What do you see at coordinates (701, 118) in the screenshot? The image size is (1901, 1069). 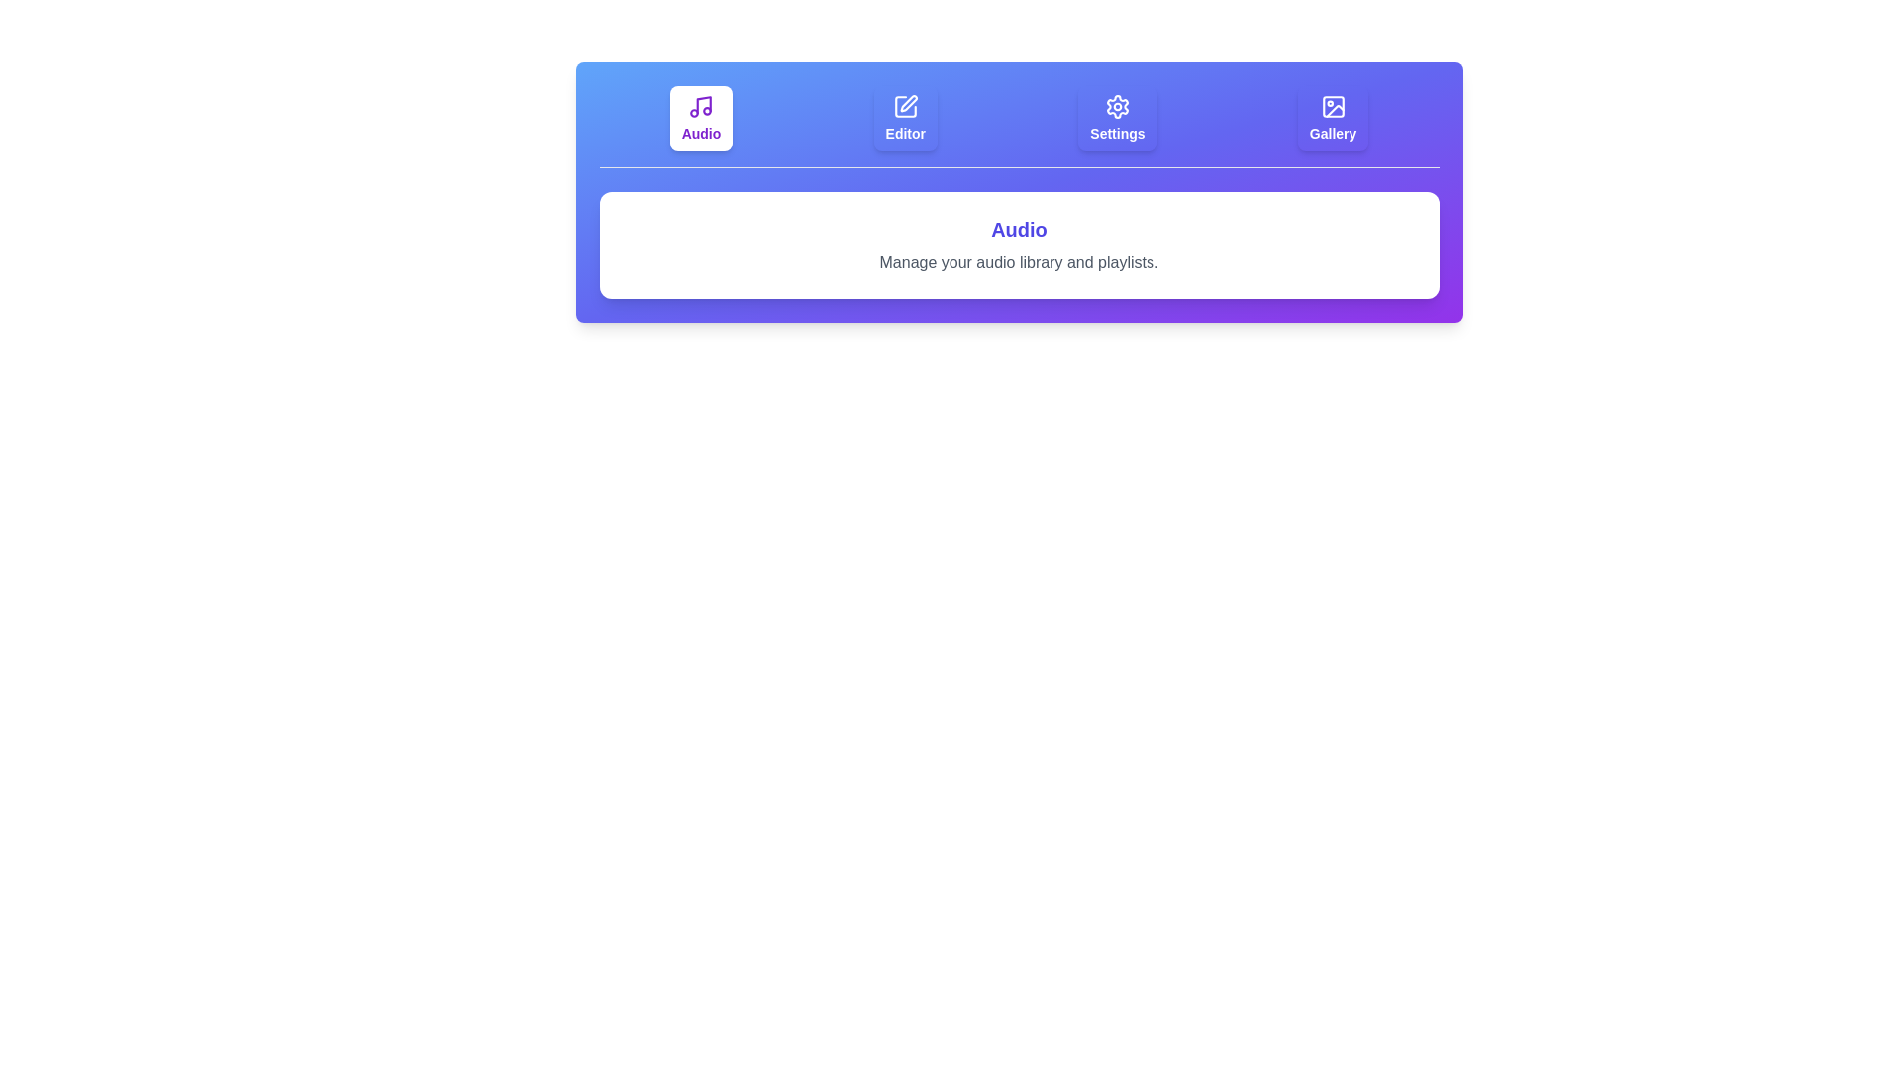 I see `the tab labeled Audio to select it` at bounding box center [701, 118].